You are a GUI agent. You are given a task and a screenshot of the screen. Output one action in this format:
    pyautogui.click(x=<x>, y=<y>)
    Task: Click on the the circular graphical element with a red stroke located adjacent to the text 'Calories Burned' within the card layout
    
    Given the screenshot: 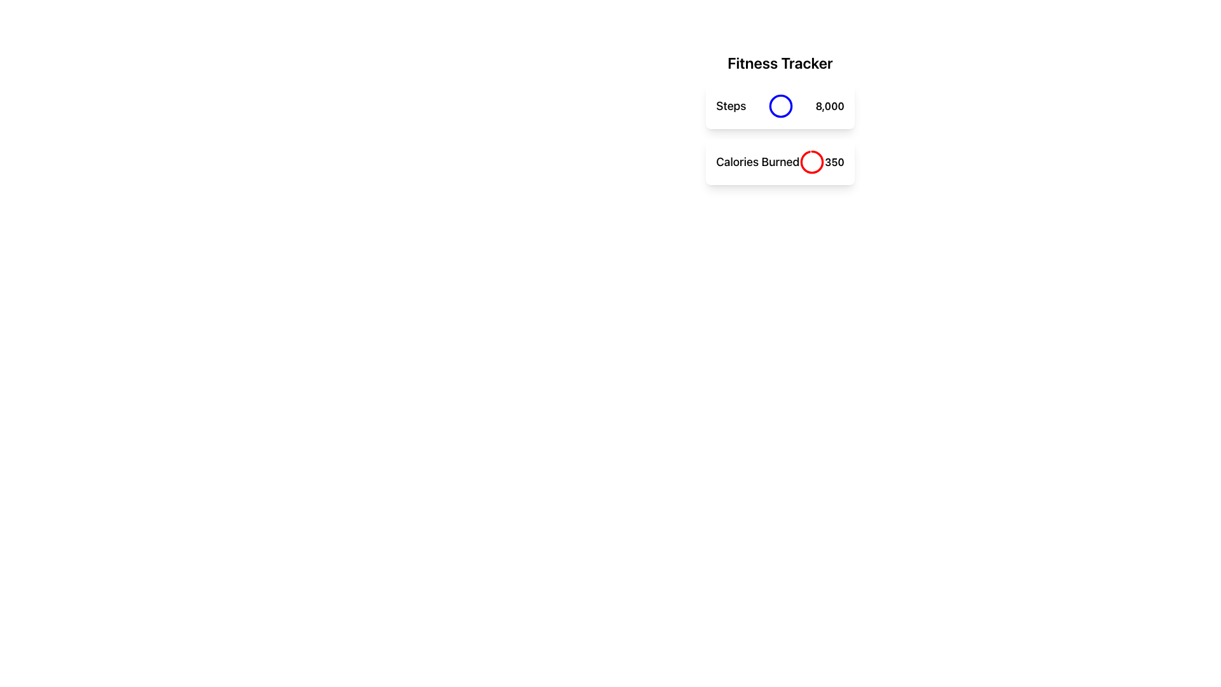 What is the action you would take?
    pyautogui.click(x=811, y=161)
    